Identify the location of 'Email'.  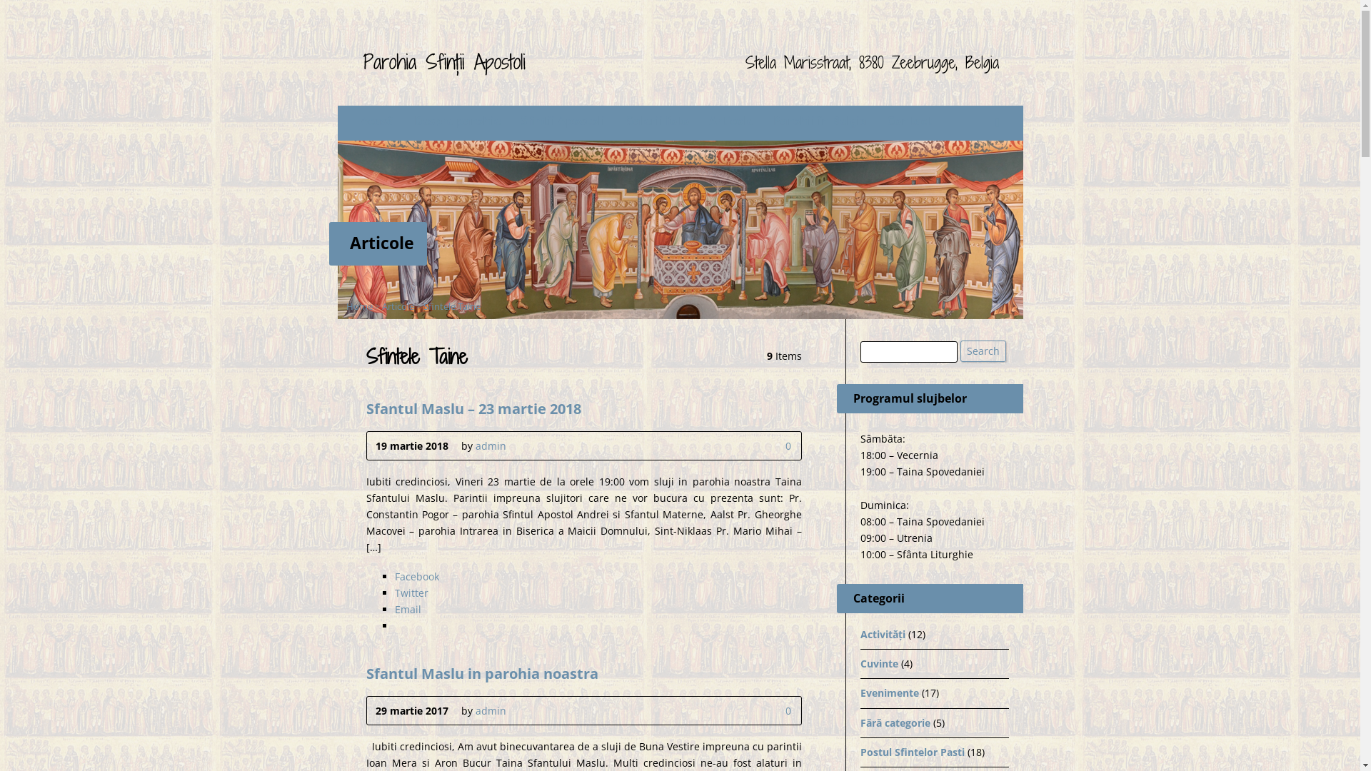
(394, 609).